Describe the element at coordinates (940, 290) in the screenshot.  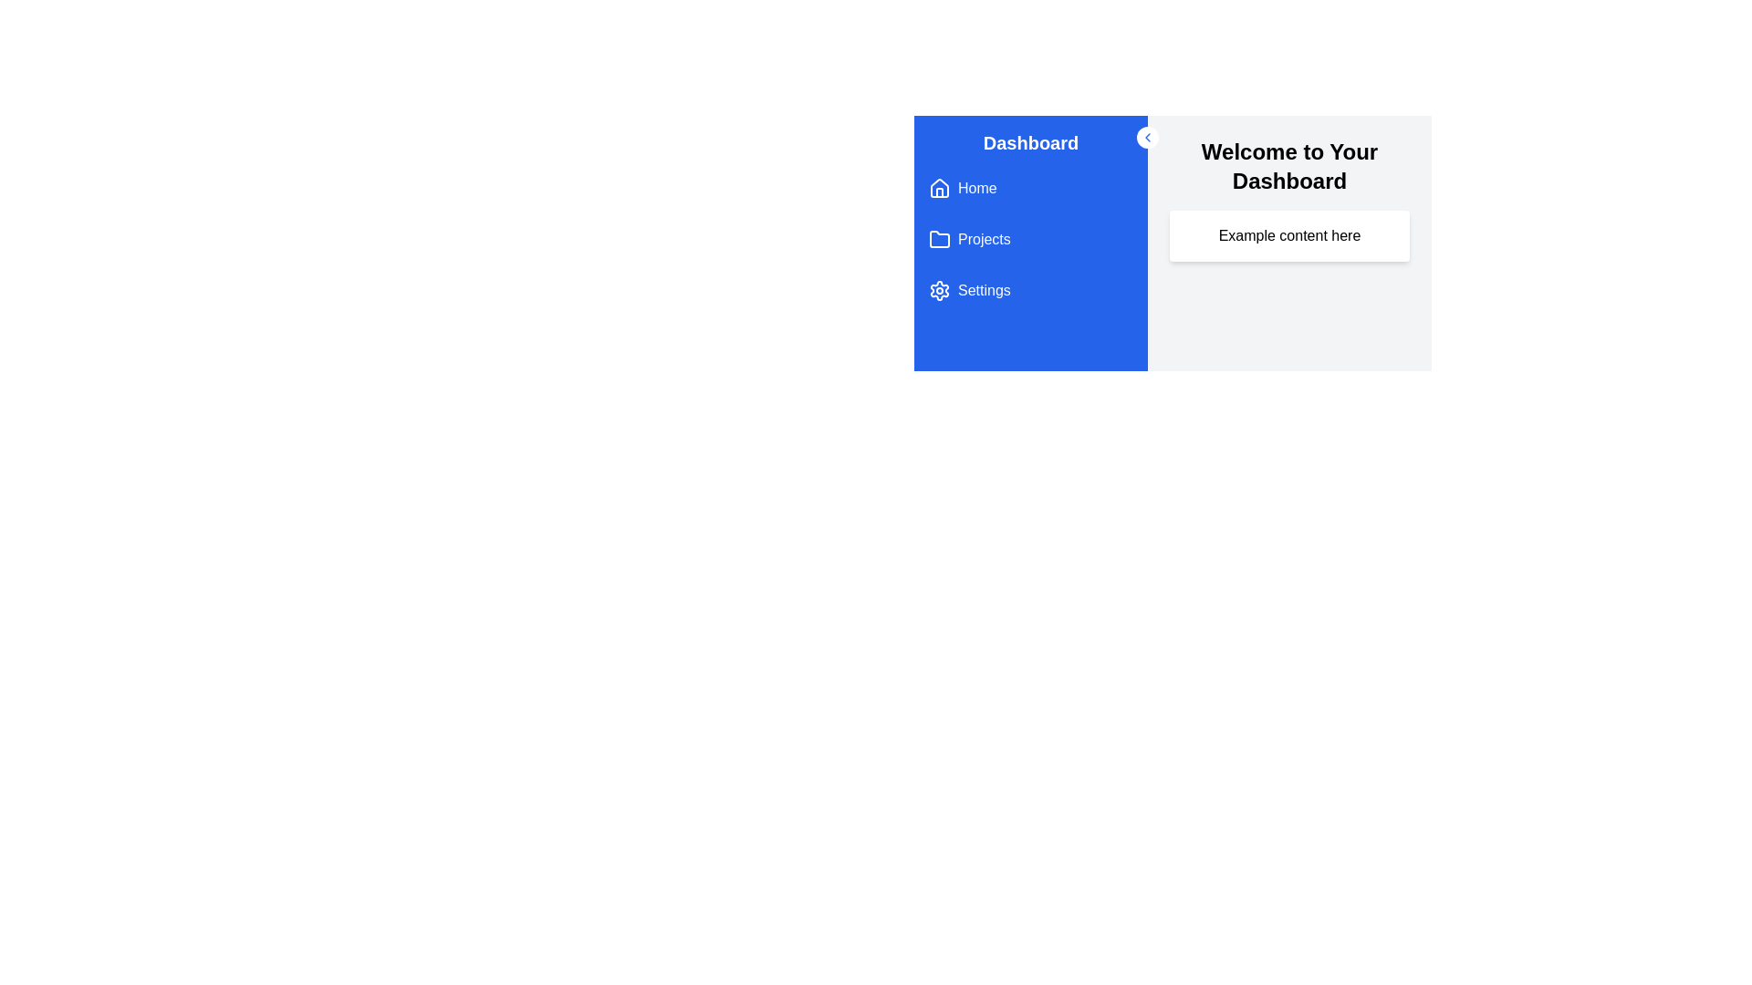
I see `the settings menu icon located` at that location.